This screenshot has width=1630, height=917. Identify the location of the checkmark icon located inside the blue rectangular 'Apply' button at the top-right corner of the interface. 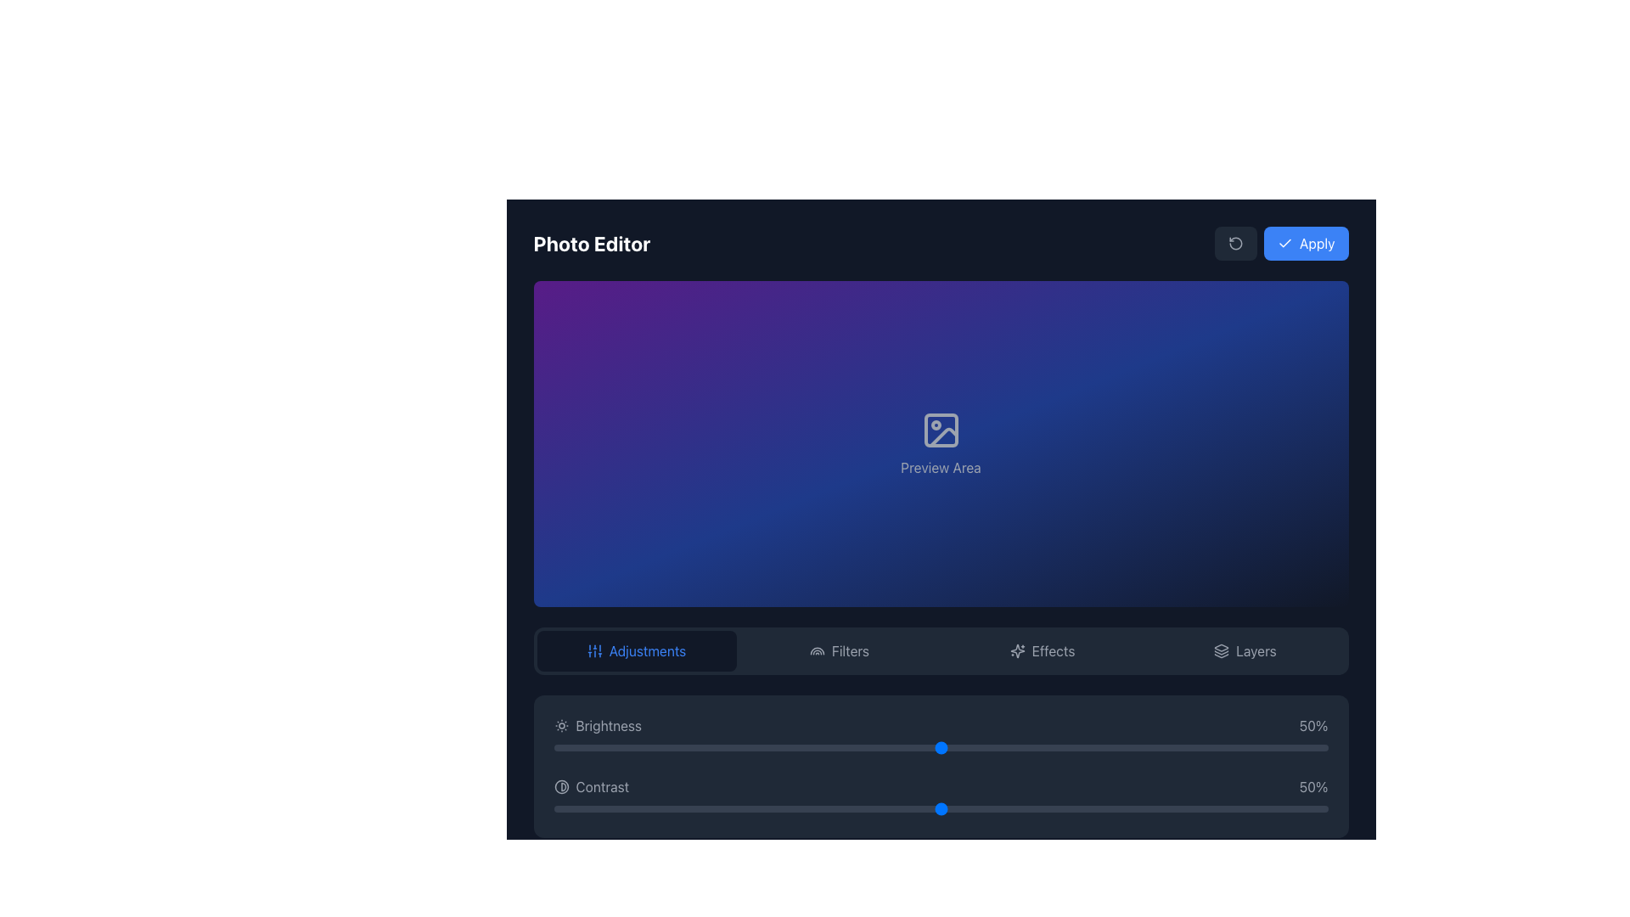
(1285, 243).